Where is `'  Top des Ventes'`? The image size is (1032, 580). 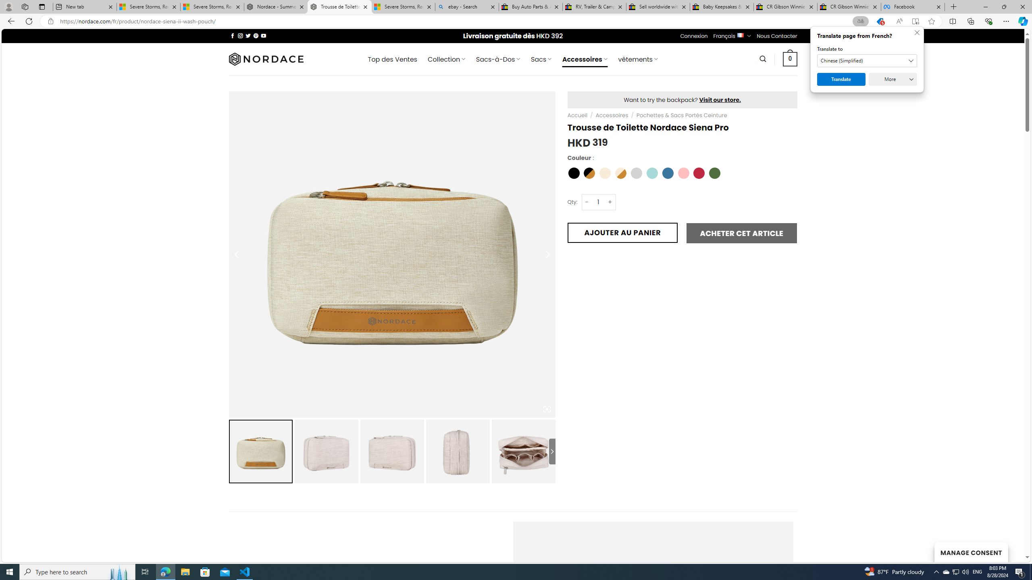 '  Top des Ventes' is located at coordinates (391, 59).